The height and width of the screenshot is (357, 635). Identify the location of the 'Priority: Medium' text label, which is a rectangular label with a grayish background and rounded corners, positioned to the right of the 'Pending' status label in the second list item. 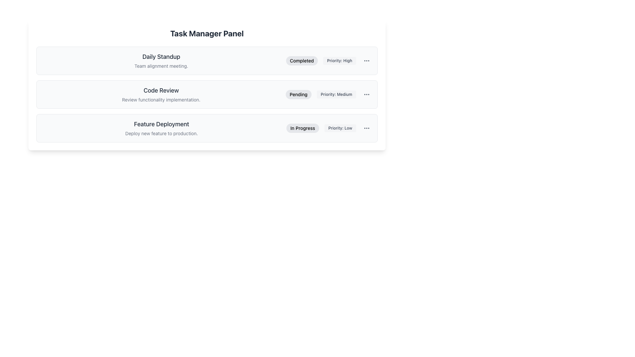
(336, 94).